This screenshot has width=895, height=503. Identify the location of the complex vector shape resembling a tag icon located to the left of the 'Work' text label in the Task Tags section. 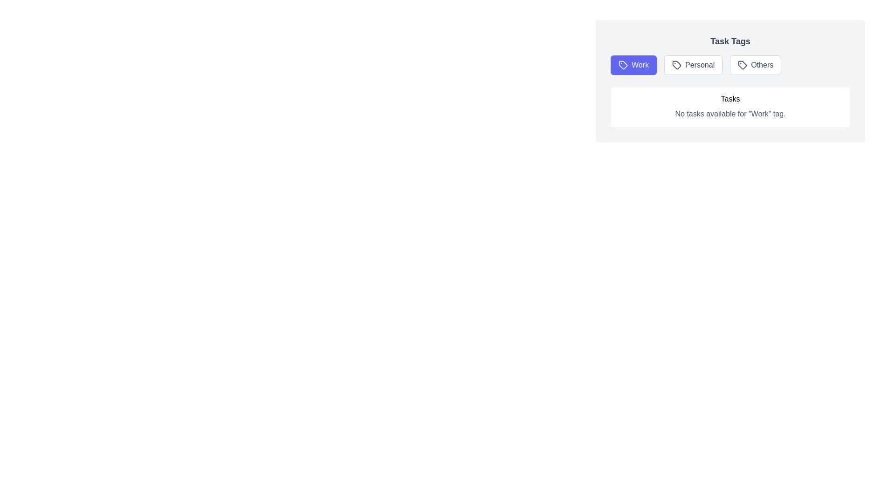
(623, 64).